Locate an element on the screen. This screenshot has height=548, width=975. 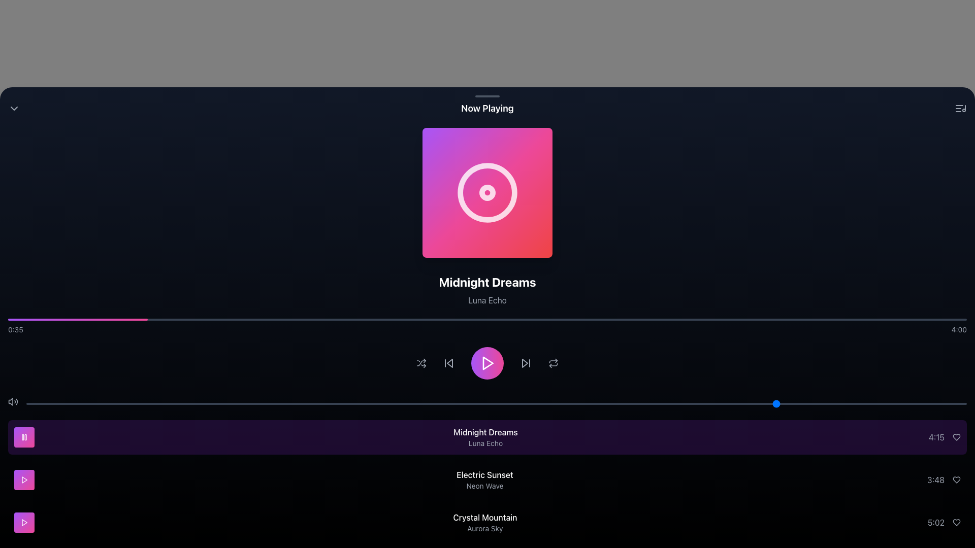
the text label 'Midnight Dreams' for further actions is located at coordinates (485, 432).